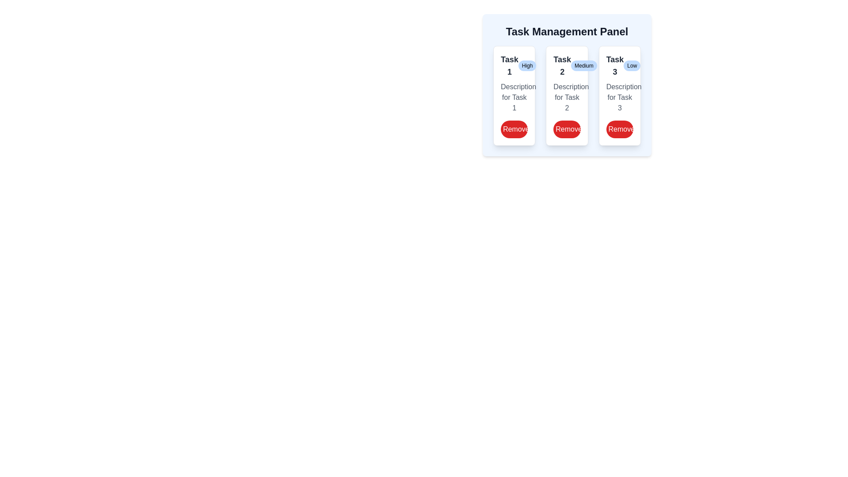  What do you see at coordinates (527, 65) in the screenshot?
I see `the priority tag of each task in the panel` at bounding box center [527, 65].